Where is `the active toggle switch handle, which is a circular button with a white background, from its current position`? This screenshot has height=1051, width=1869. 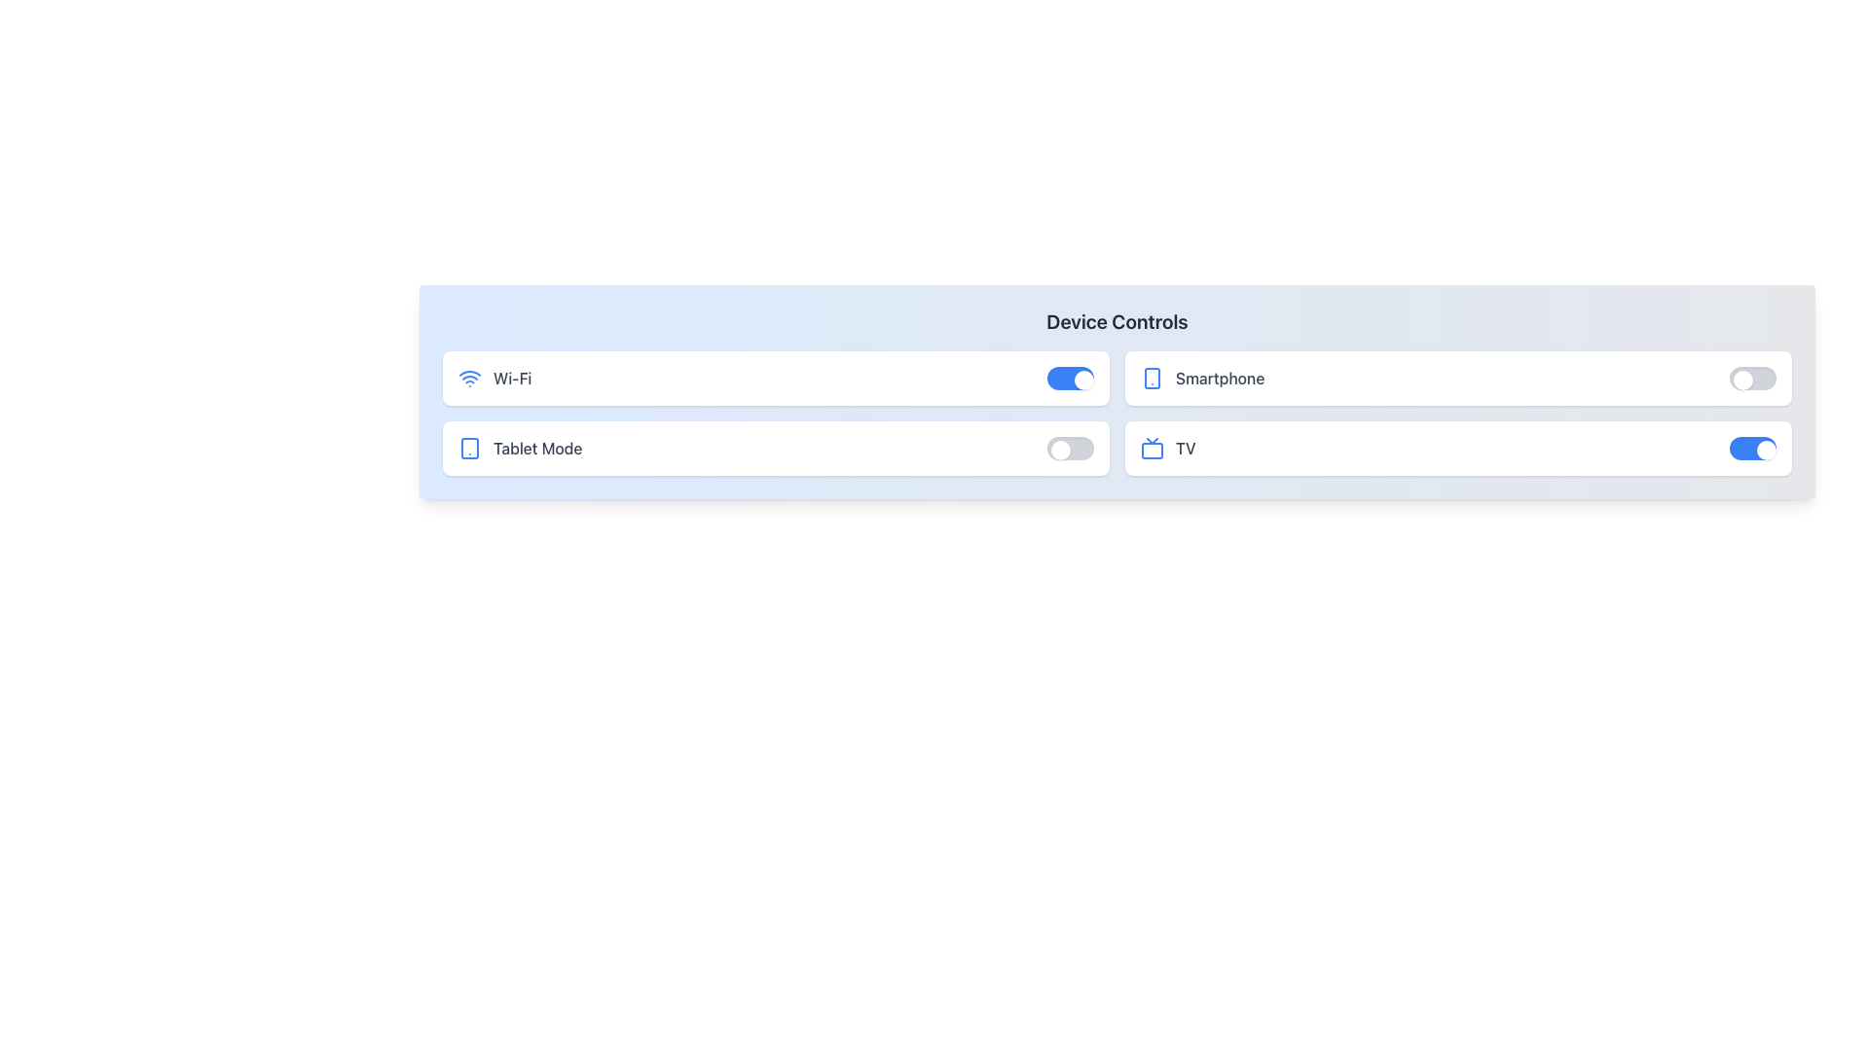
the active toggle switch handle, which is a circular button with a white background, from its current position is located at coordinates (1742, 380).